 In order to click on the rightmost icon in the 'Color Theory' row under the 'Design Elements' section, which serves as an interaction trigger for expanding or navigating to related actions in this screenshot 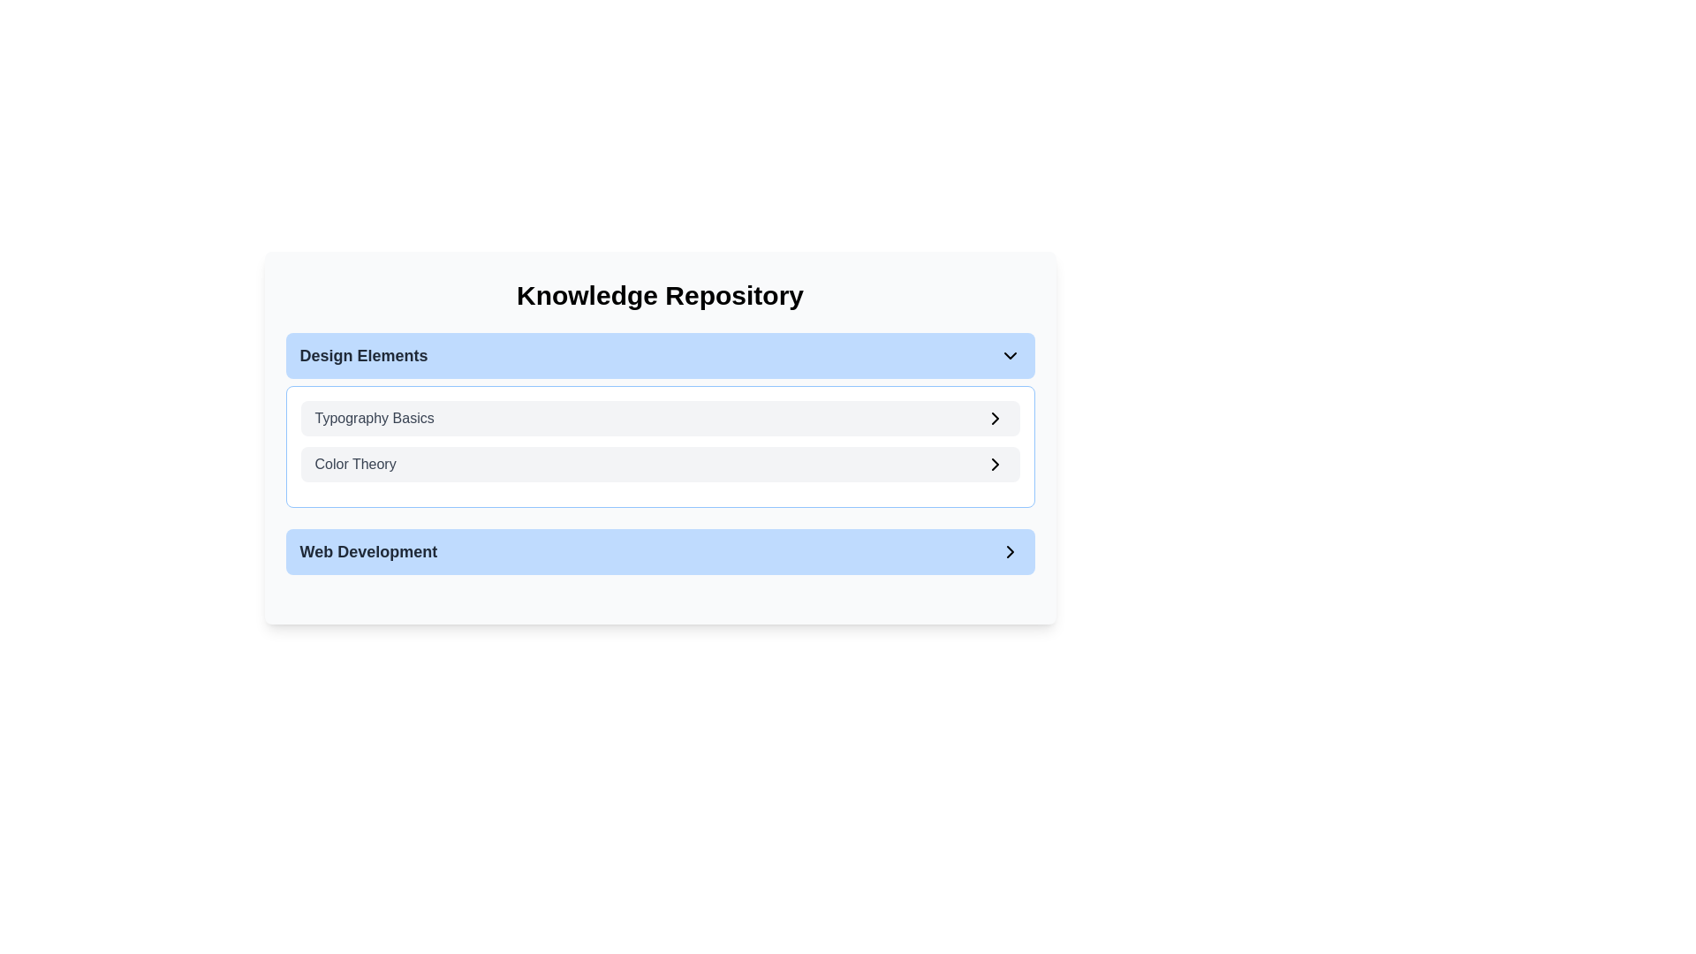, I will do `click(995, 419)`.